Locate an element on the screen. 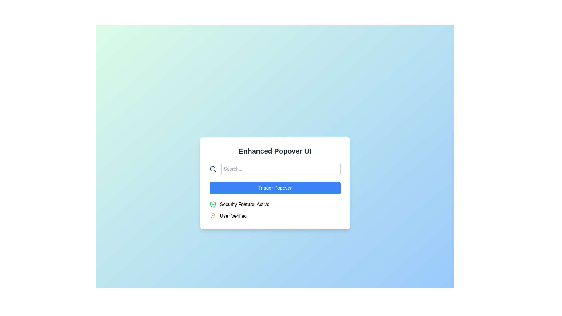  the text label that displays 'Security Feature: Active', which is styled in black typography and positioned below a button labeled 'Trigger Popover' is located at coordinates (244, 204).